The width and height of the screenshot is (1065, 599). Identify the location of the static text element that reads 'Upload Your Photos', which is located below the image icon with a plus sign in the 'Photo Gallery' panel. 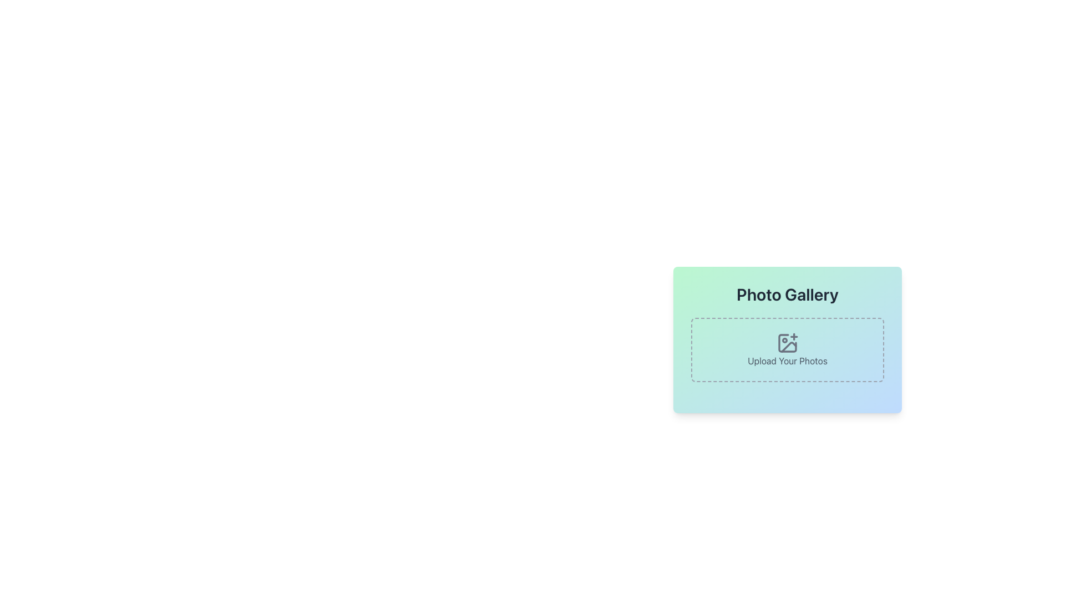
(787, 361).